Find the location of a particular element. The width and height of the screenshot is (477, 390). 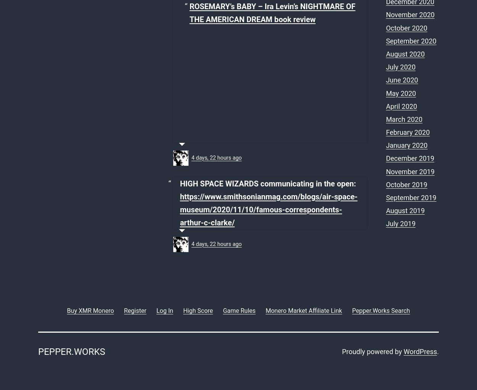

'March 2020' is located at coordinates (404, 119).